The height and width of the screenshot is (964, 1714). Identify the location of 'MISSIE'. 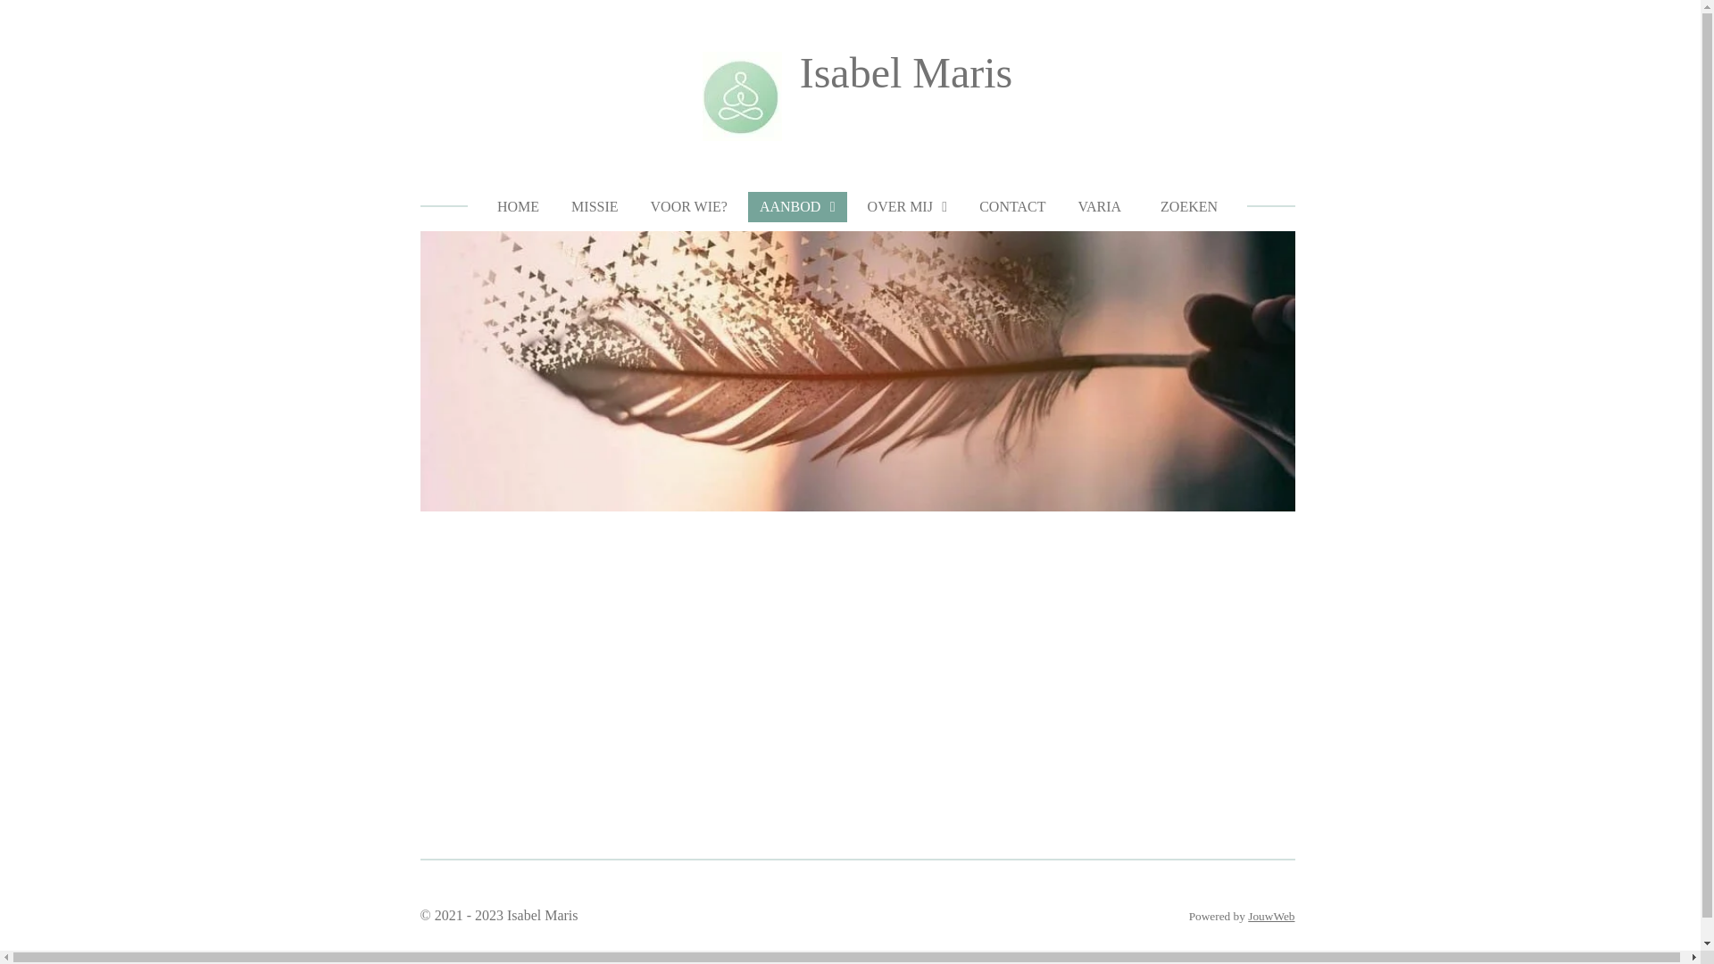
(595, 205).